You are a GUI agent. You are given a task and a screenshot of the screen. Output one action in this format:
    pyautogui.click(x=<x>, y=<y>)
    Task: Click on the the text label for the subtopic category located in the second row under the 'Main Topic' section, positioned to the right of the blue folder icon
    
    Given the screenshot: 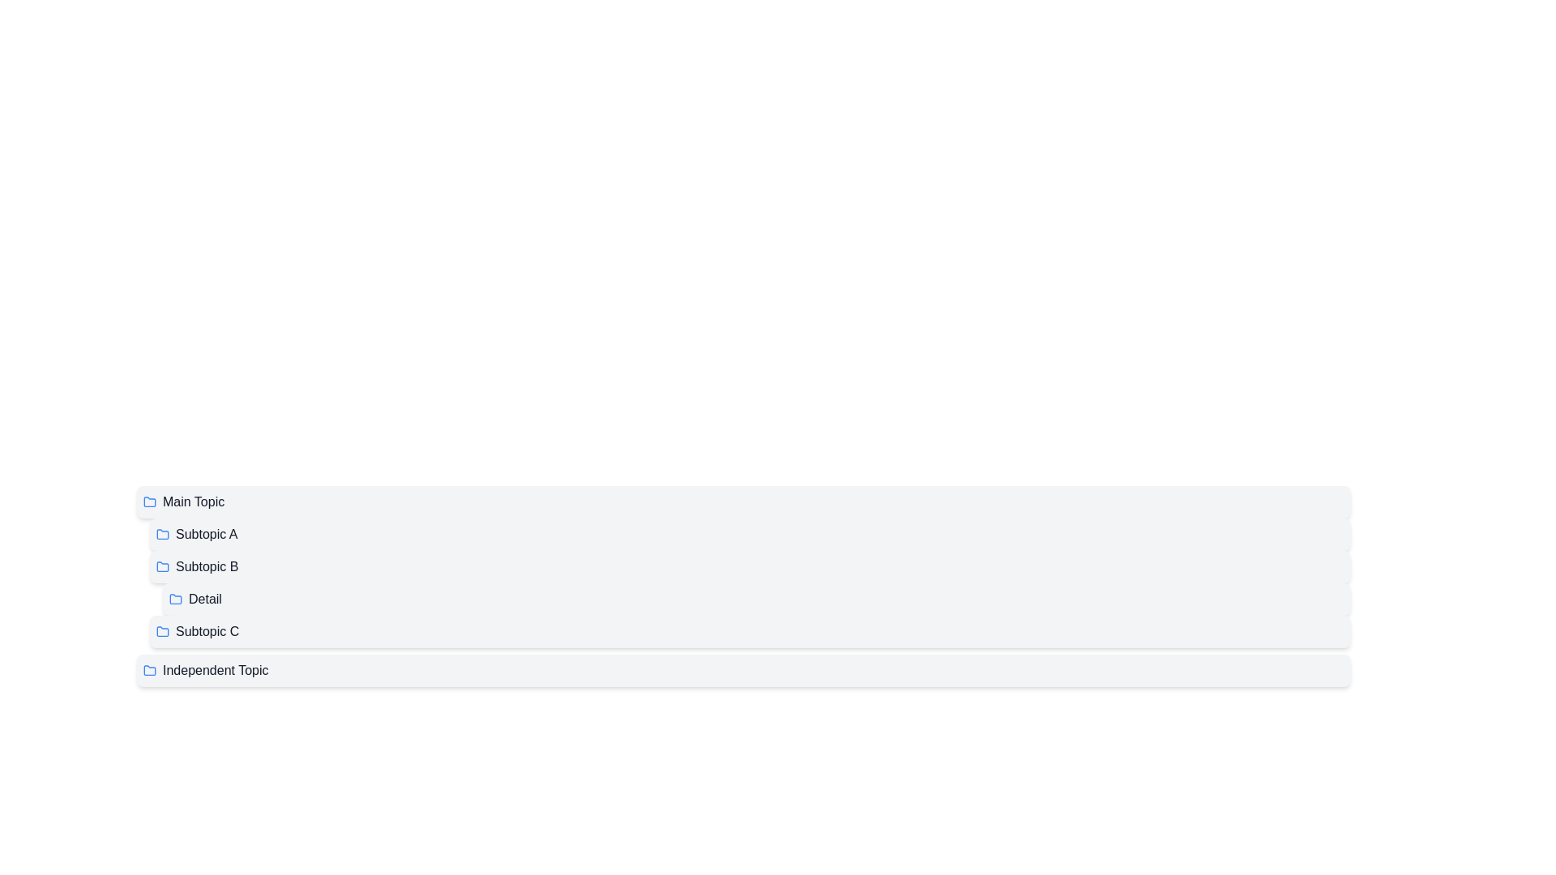 What is the action you would take?
    pyautogui.click(x=206, y=534)
    